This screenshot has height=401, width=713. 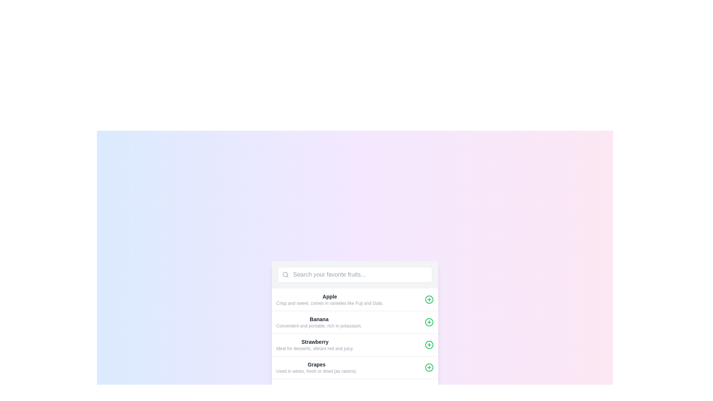 What do you see at coordinates (316, 371) in the screenshot?
I see `the text label displaying 'Used in wines, fresh or dried (as raisins).' which is positioned directly beneath the bold title 'Grapes' in the details section of the fruit list` at bounding box center [316, 371].